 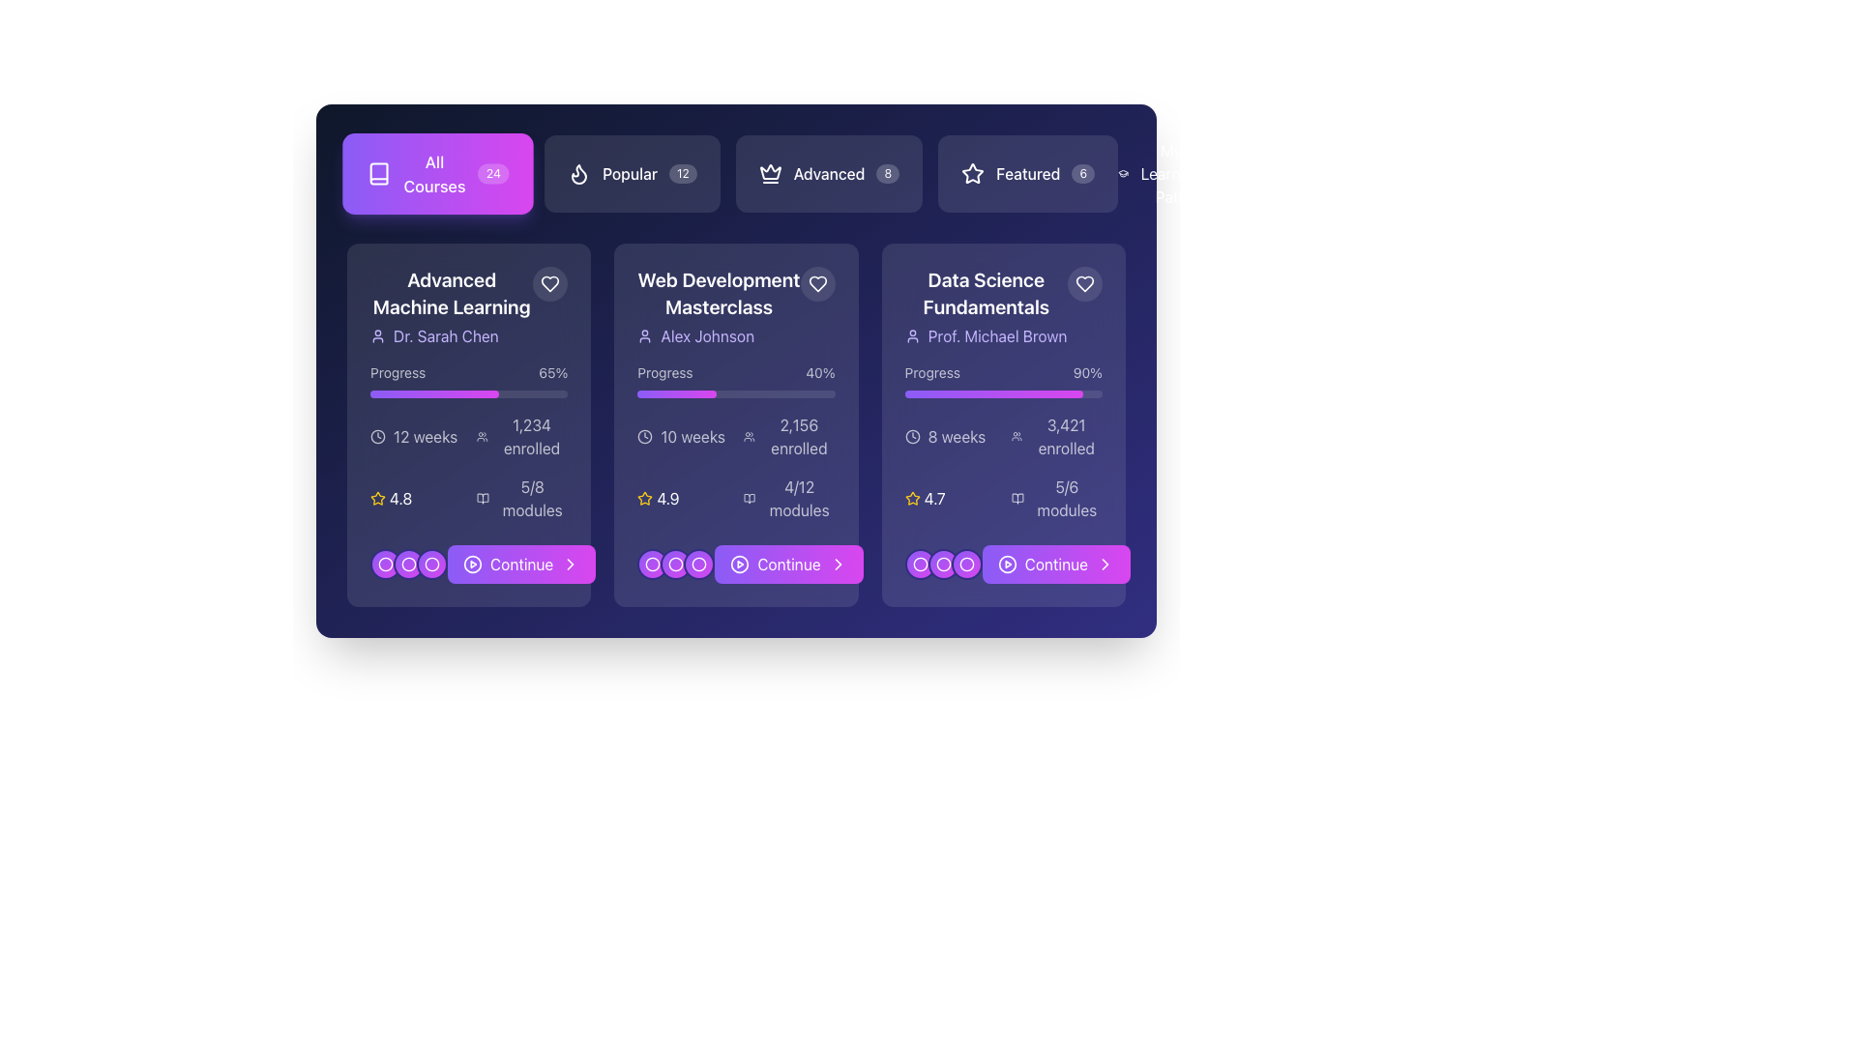 I want to click on the circular icon with a white stroke outline located at the bottom-left corner of the first educational course card if it is interactive, so click(x=407, y=564).